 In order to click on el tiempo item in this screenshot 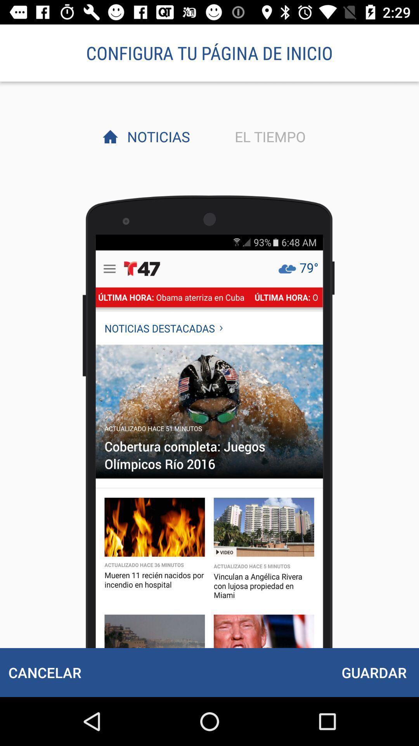, I will do `click(268, 136)`.